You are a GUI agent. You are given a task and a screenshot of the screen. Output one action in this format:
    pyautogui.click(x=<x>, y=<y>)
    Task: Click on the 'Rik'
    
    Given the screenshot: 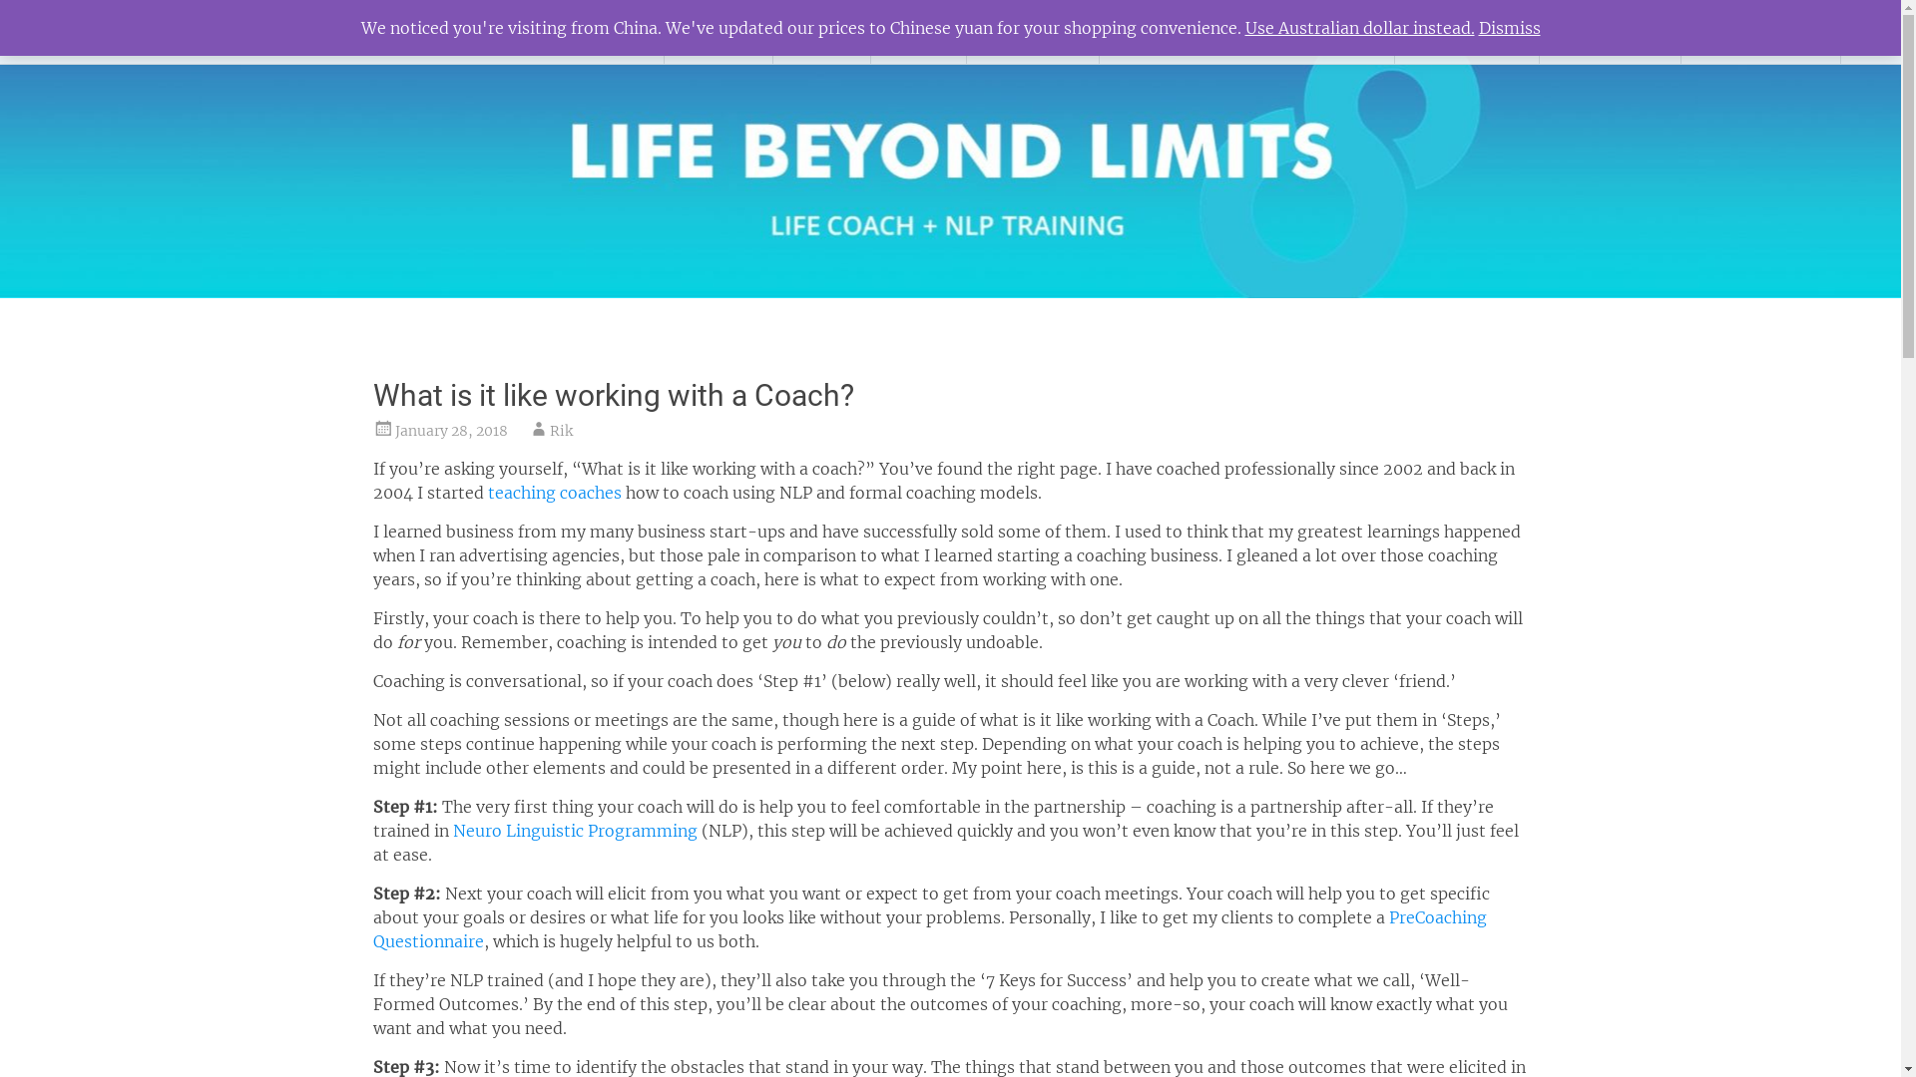 What is the action you would take?
    pyautogui.click(x=559, y=430)
    